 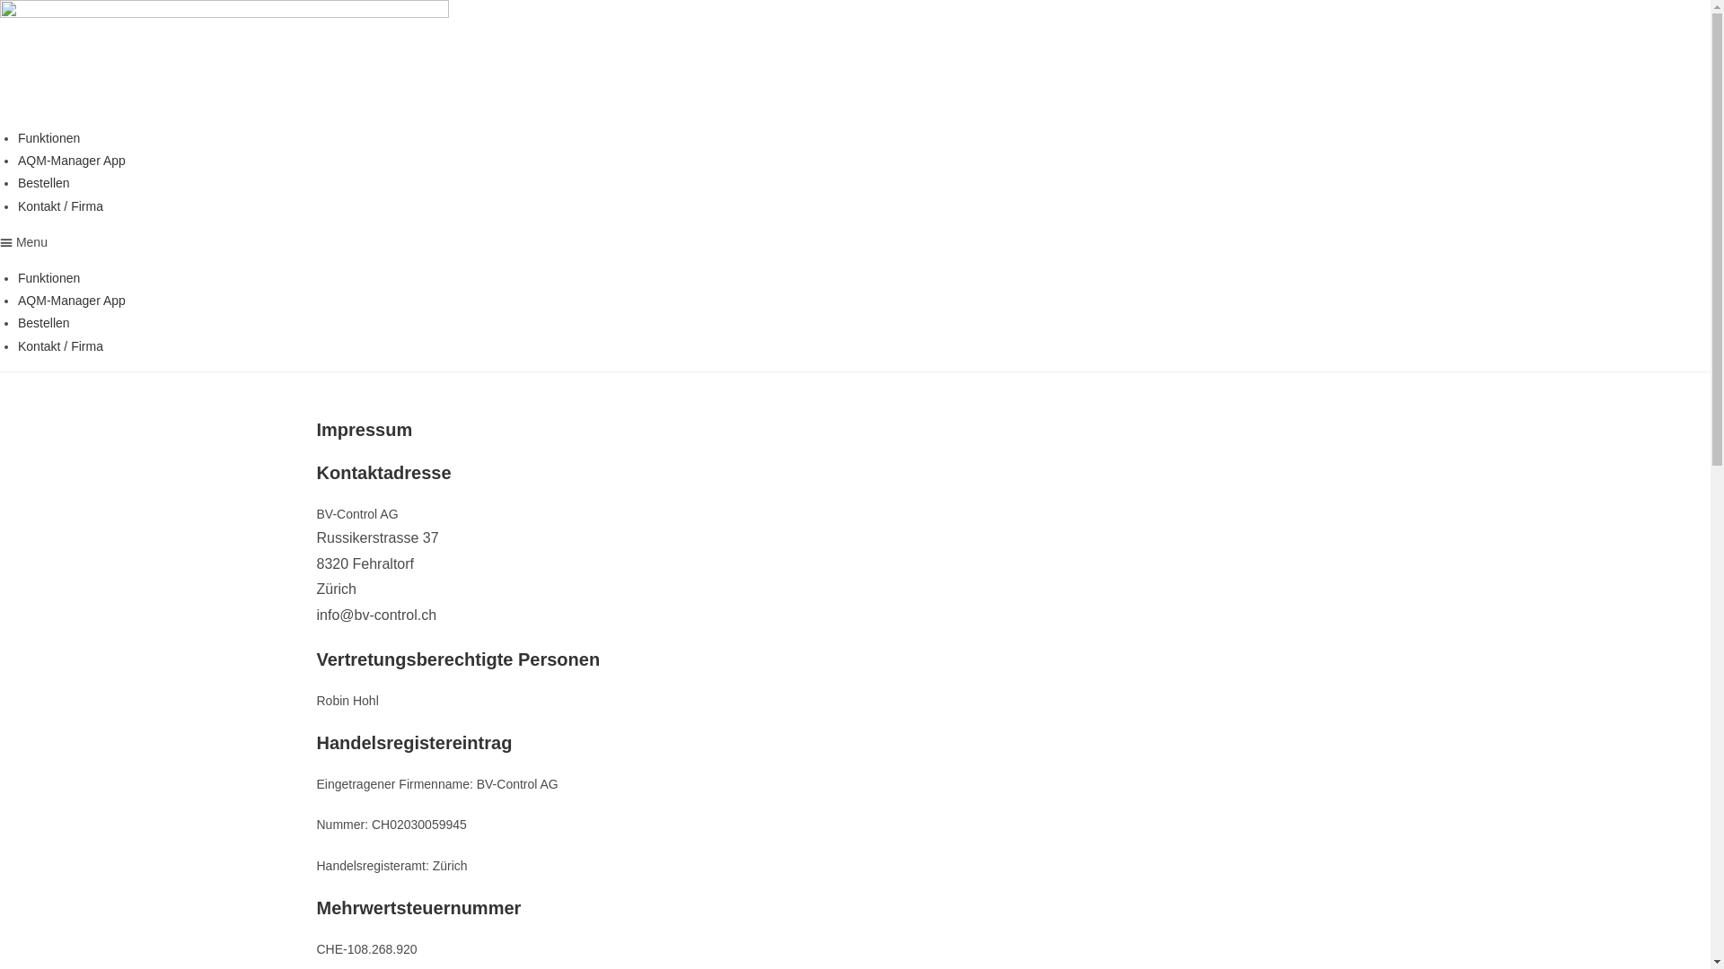 I want to click on 'AQM-Manager App', so click(x=72, y=300).